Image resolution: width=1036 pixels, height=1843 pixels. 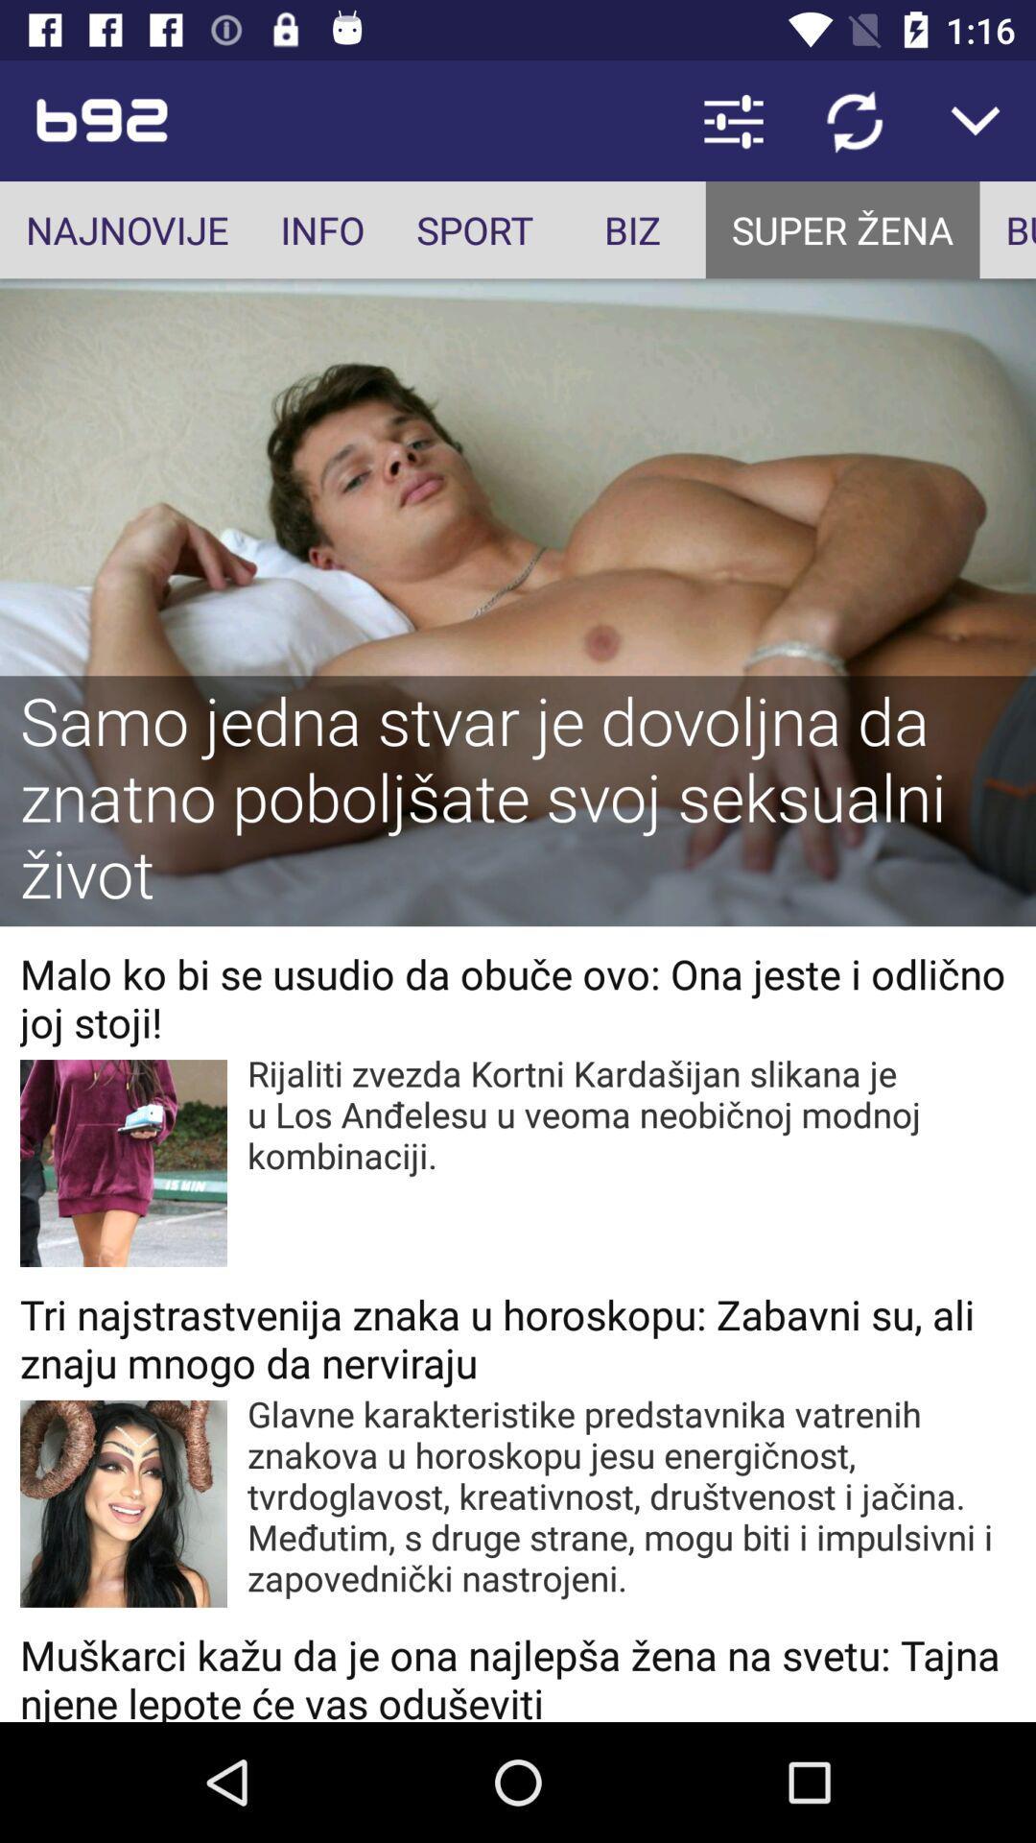 I want to click on info button, so click(x=321, y=229).